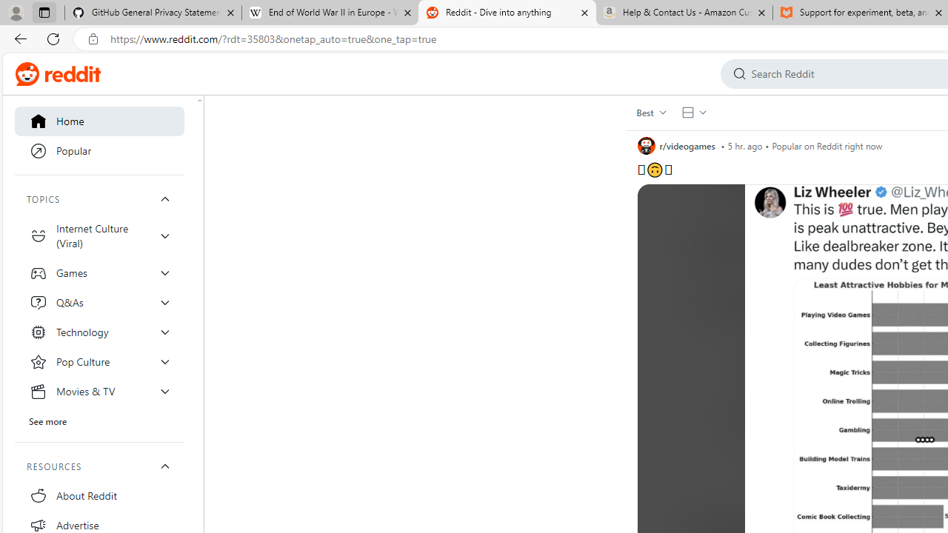 This screenshot has width=948, height=533. I want to click on 'Pop Culture', so click(99, 361).